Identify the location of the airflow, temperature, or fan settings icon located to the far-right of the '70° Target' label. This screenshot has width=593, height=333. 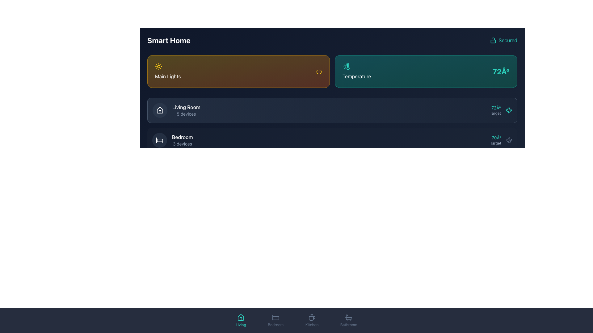
(509, 140).